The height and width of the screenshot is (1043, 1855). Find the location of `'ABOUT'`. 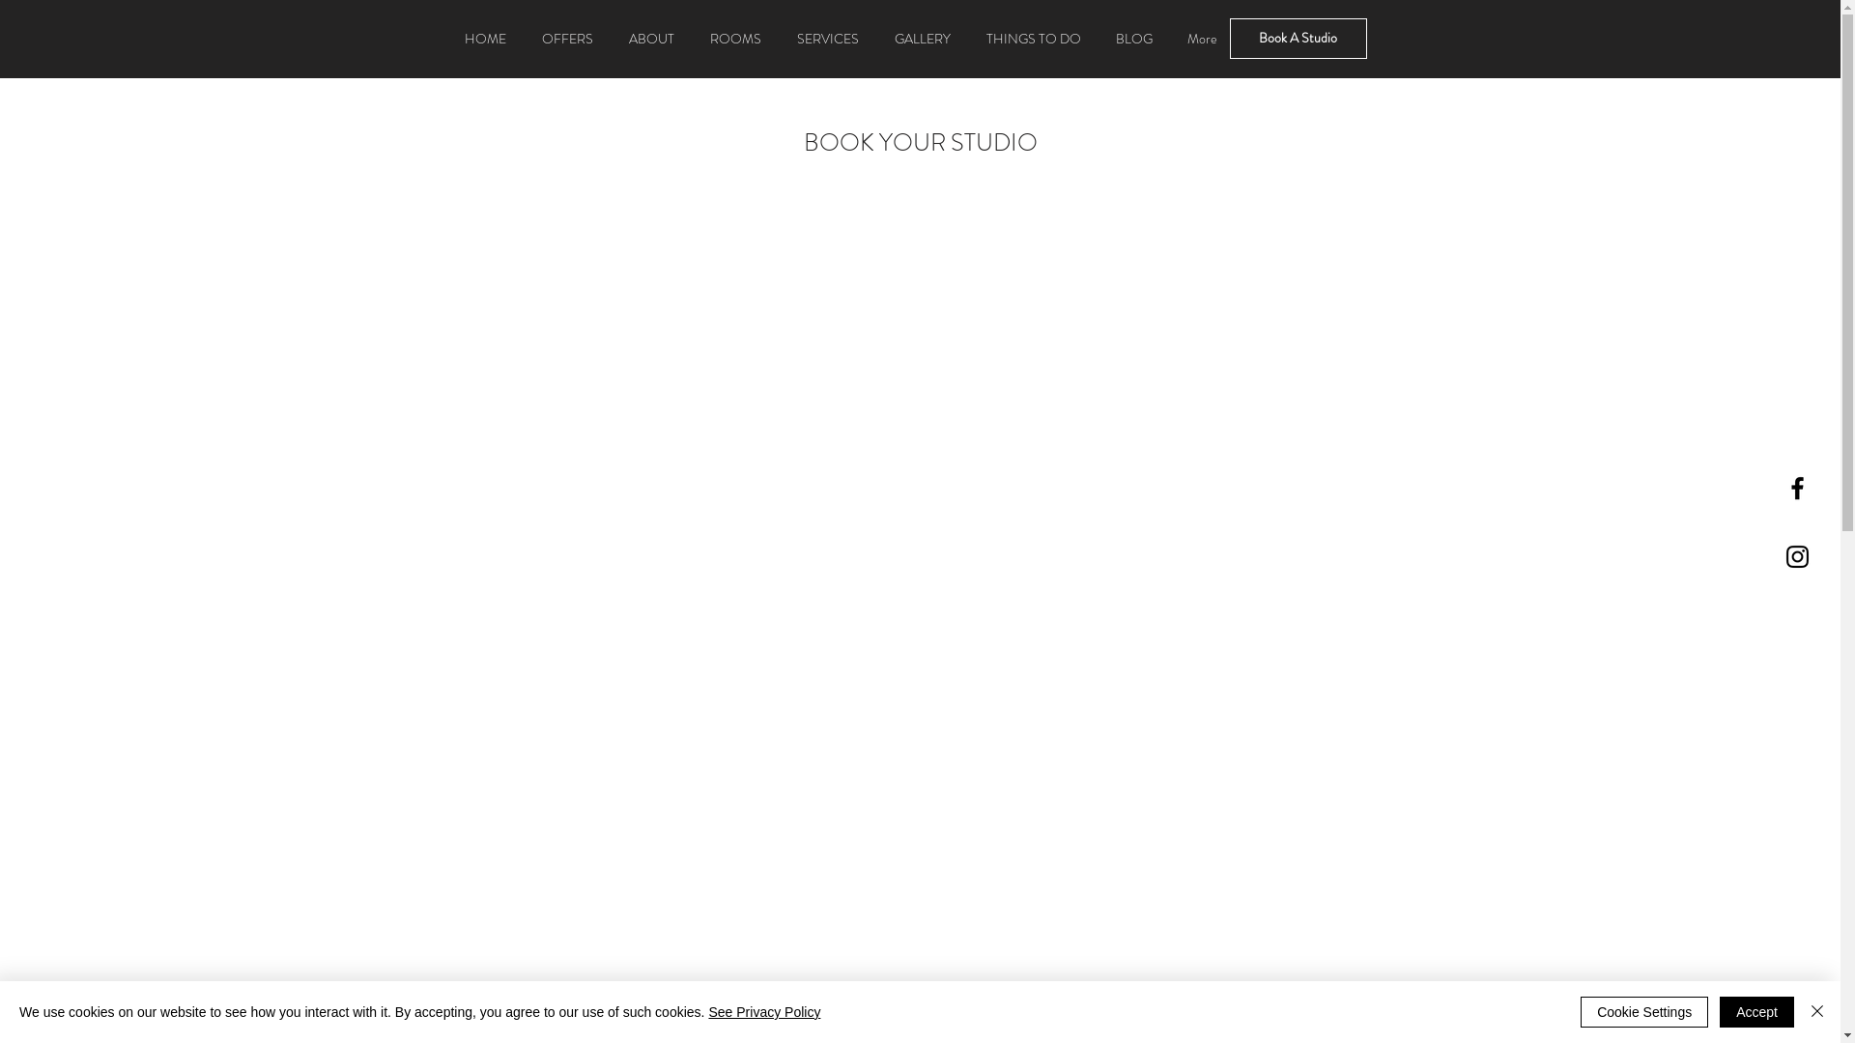

'ABOUT' is located at coordinates (650, 38).